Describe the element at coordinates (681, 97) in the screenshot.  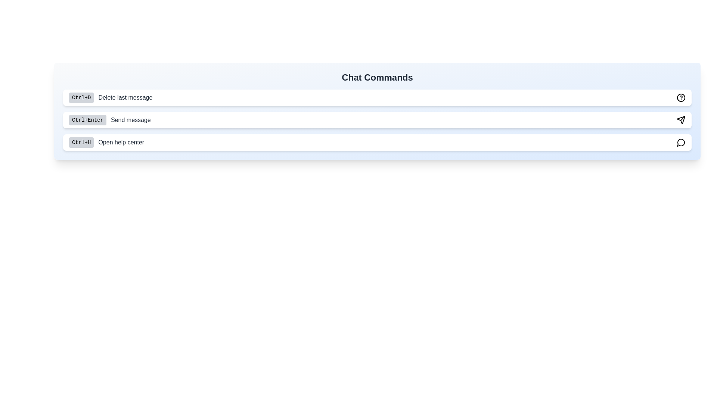
I see `the small circular icon with a question mark inside, located on the far right of the first command bar titled 'Delete last message'` at that location.